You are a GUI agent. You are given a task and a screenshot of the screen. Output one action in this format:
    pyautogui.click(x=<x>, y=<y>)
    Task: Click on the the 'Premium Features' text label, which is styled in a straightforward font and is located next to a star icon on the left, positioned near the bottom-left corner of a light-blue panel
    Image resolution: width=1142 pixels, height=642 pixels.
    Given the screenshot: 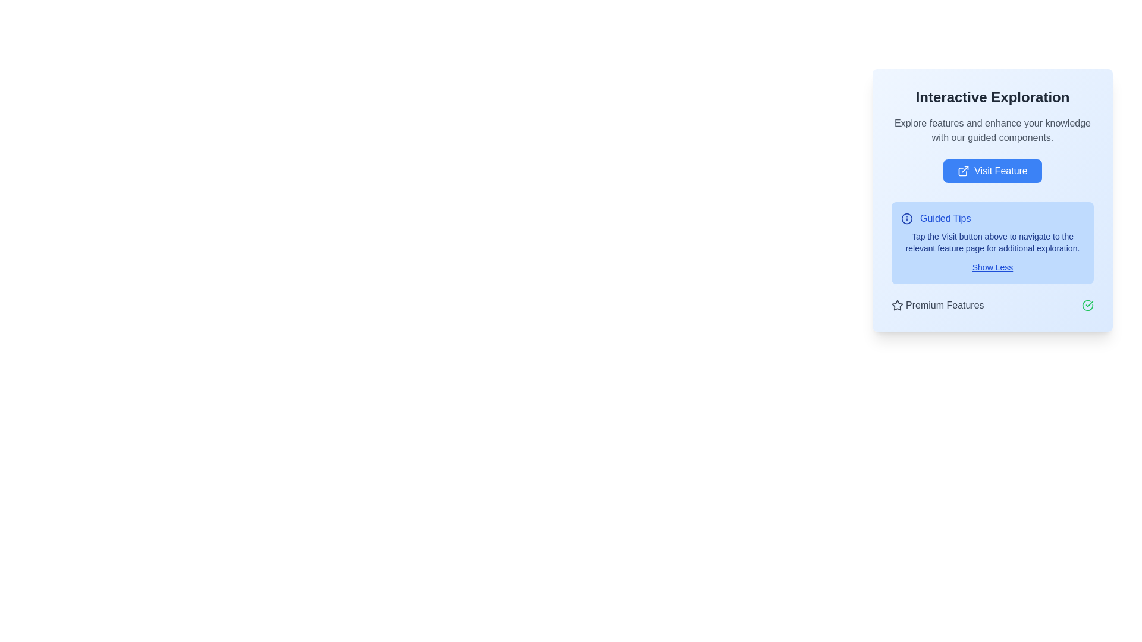 What is the action you would take?
    pyautogui.click(x=944, y=304)
    